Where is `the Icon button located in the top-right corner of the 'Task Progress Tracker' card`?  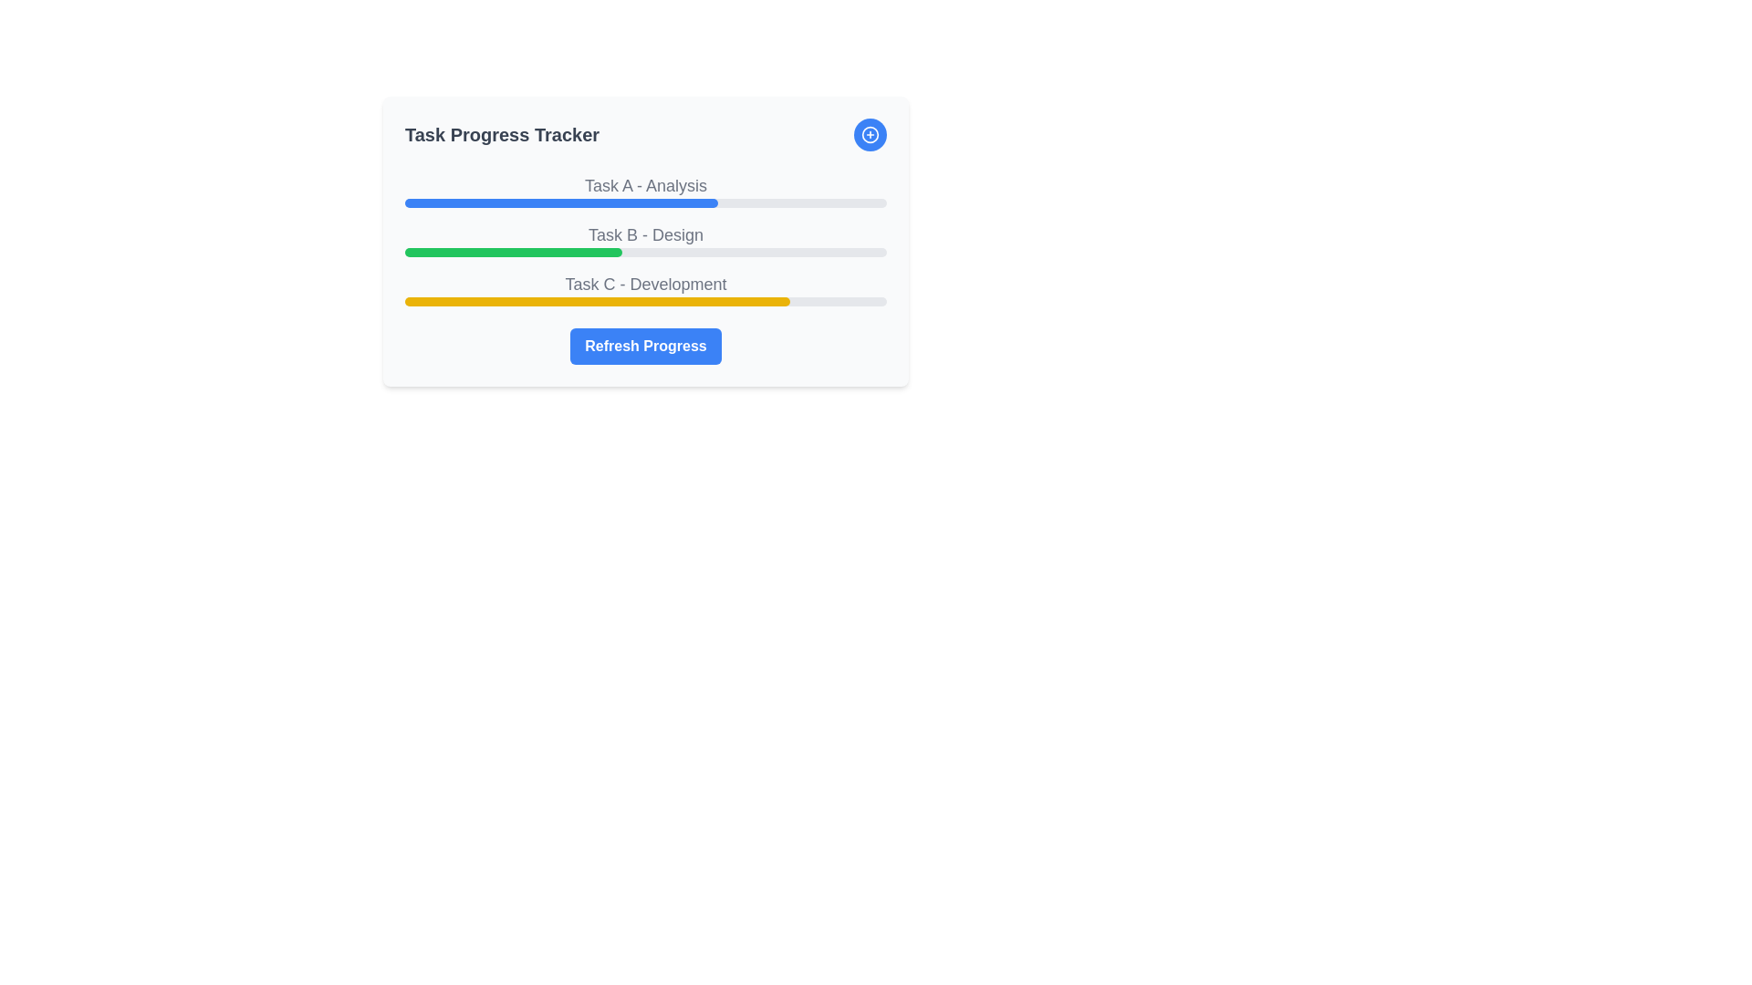 the Icon button located in the top-right corner of the 'Task Progress Tracker' card is located at coordinates (870, 133).